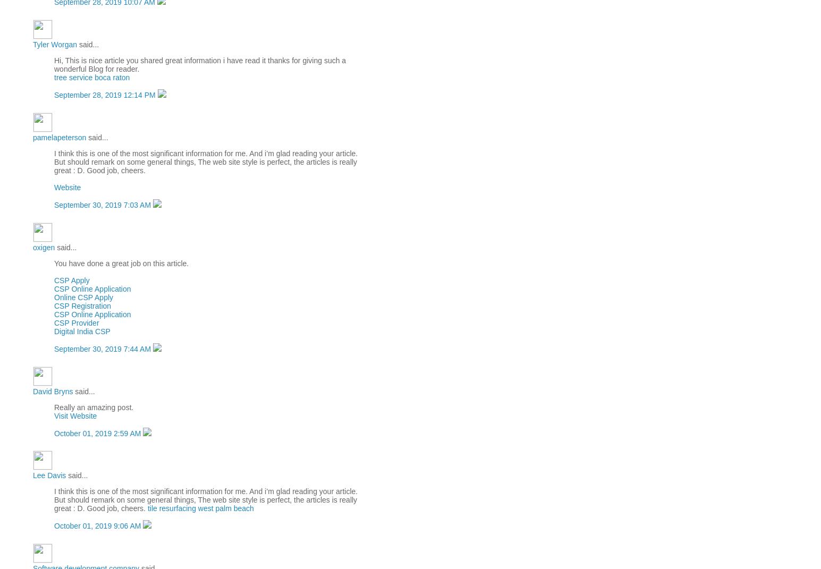  I want to click on 'CSP Registration', so click(82, 305).